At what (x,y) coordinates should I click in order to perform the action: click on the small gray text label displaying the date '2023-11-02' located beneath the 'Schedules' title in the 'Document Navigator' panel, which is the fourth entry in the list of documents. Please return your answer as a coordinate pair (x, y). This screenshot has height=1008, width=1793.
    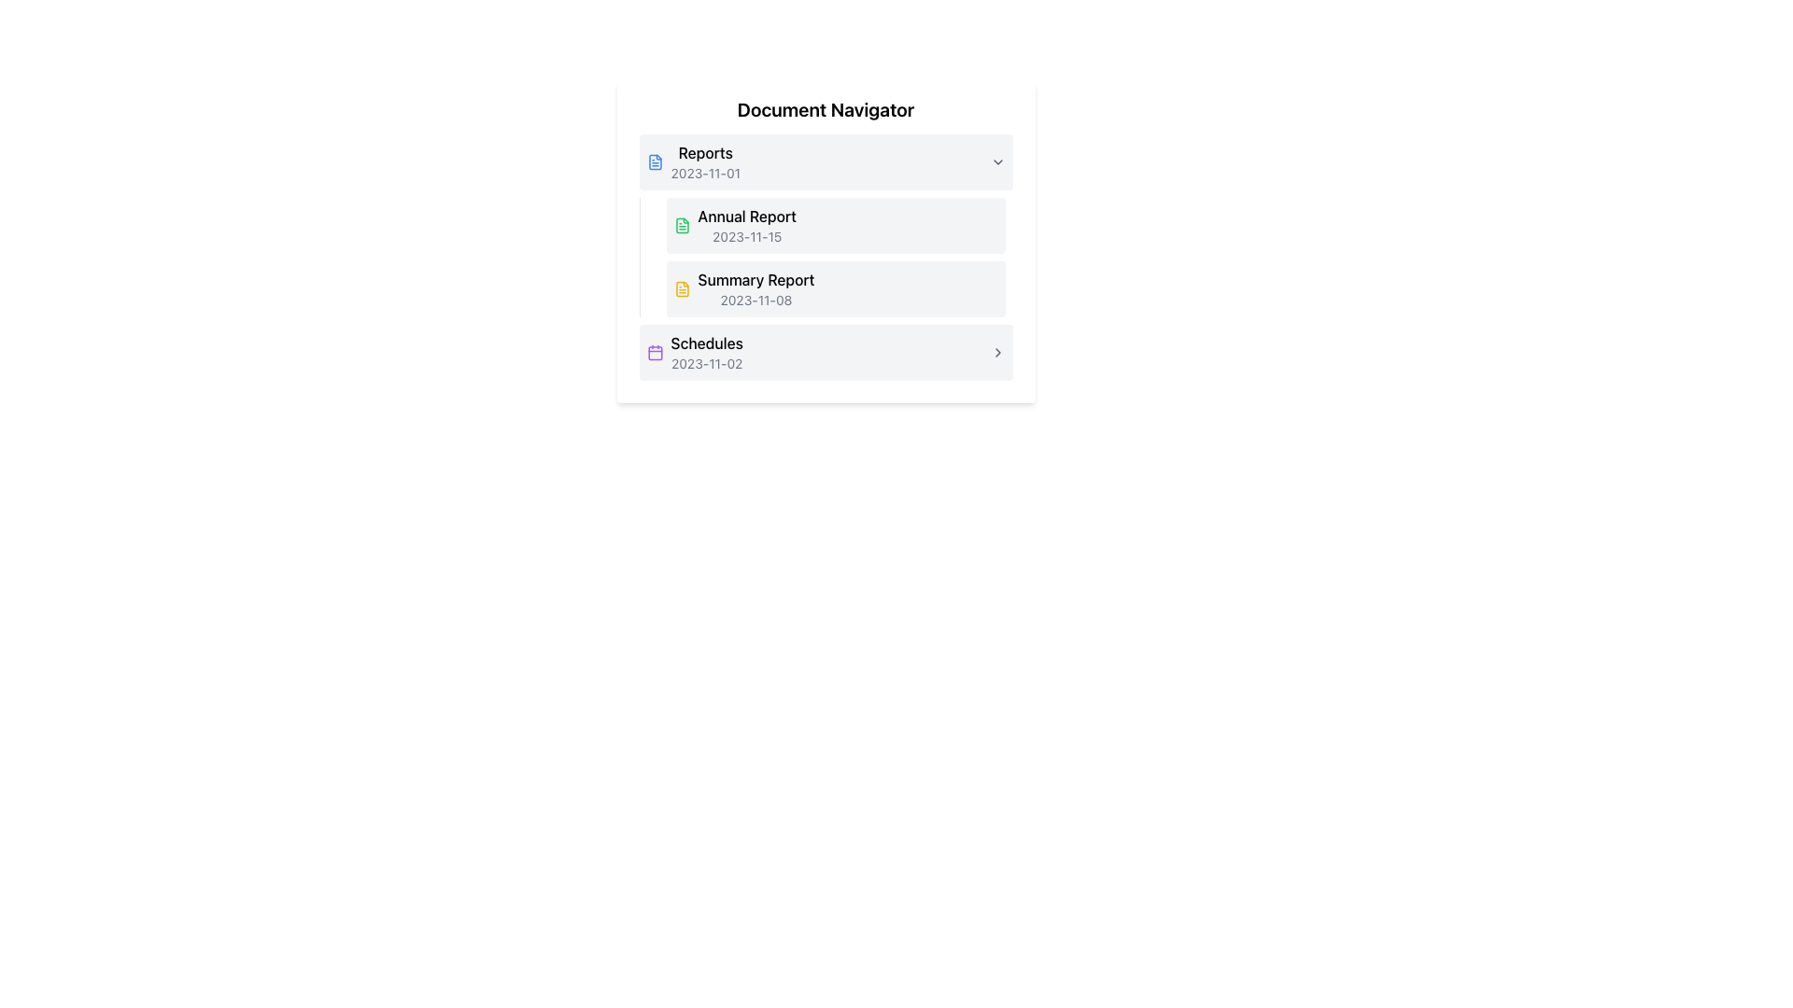
    Looking at the image, I should click on (706, 363).